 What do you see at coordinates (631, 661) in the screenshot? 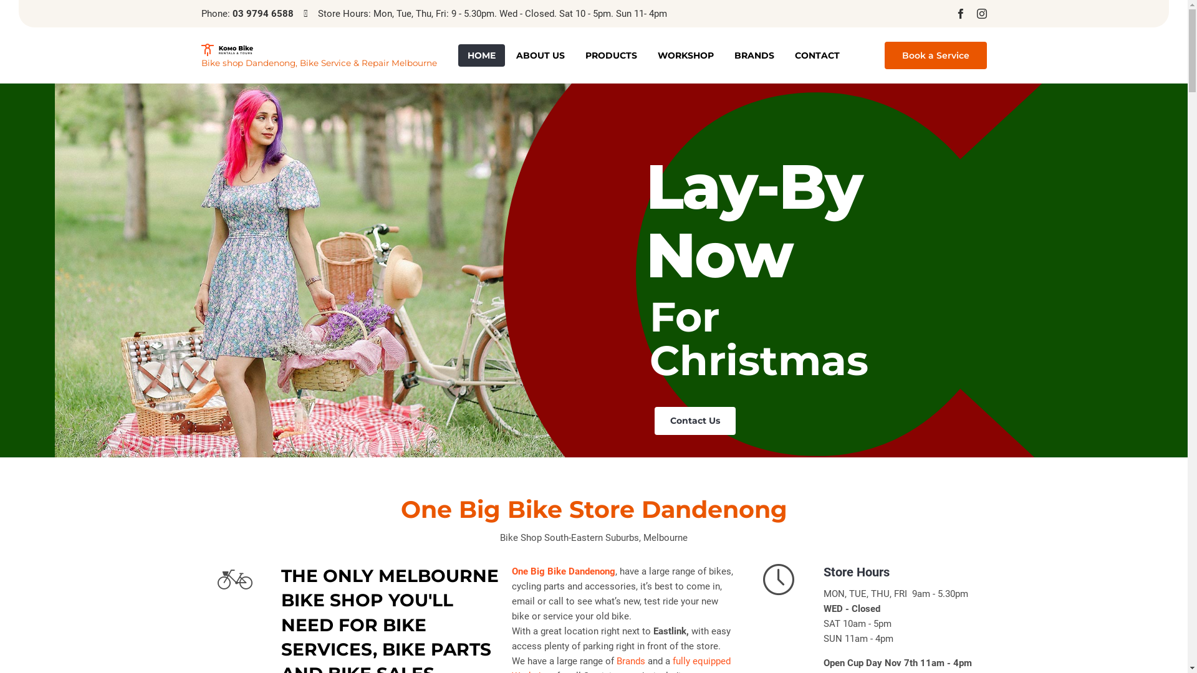
I see `'Brands'` at bounding box center [631, 661].